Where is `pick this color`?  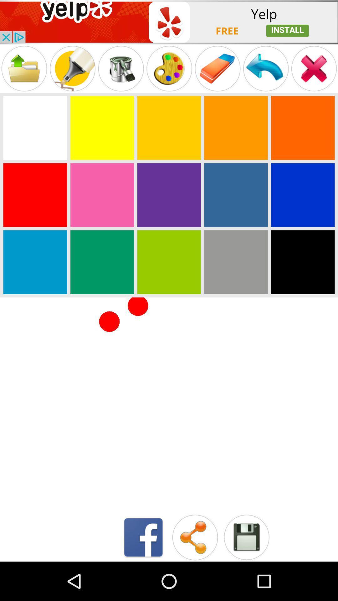 pick this color is located at coordinates (302, 127).